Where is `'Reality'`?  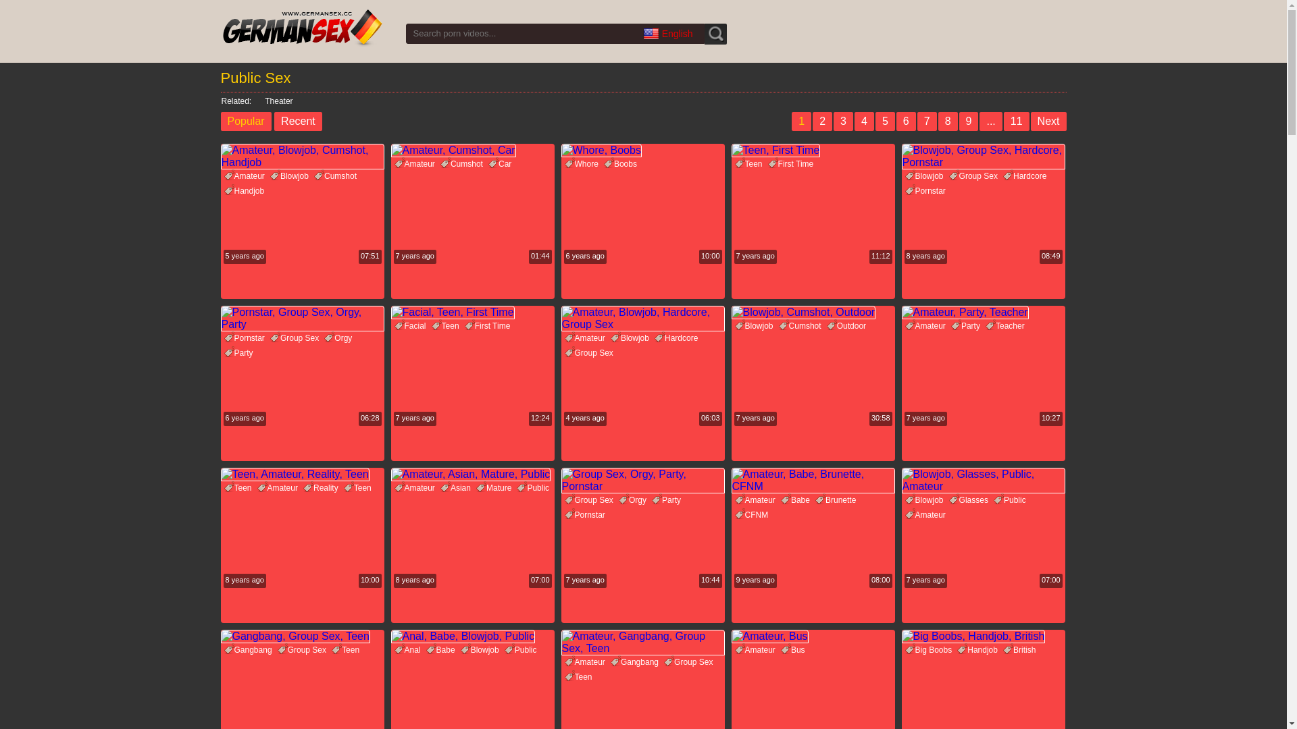
'Reality' is located at coordinates (322, 487).